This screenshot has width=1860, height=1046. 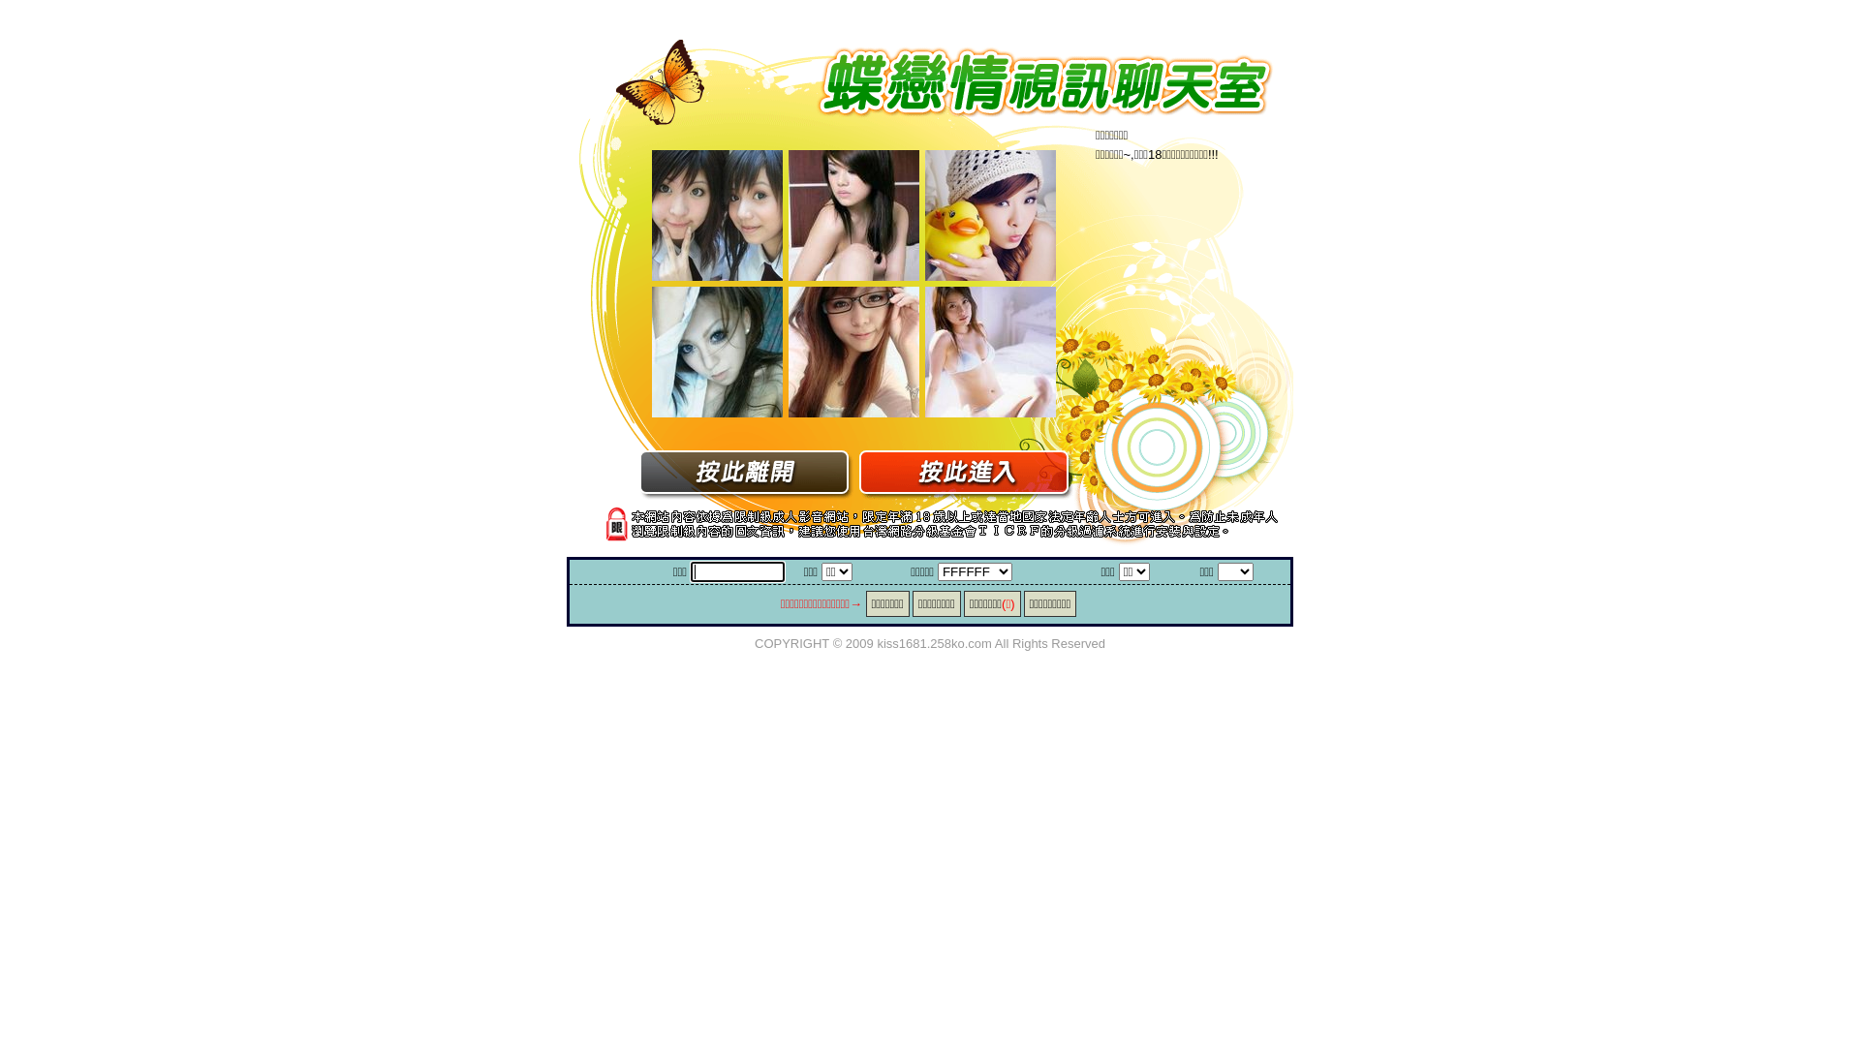 I want to click on 'kiss1681.258ko.com', so click(x=934, y=642).